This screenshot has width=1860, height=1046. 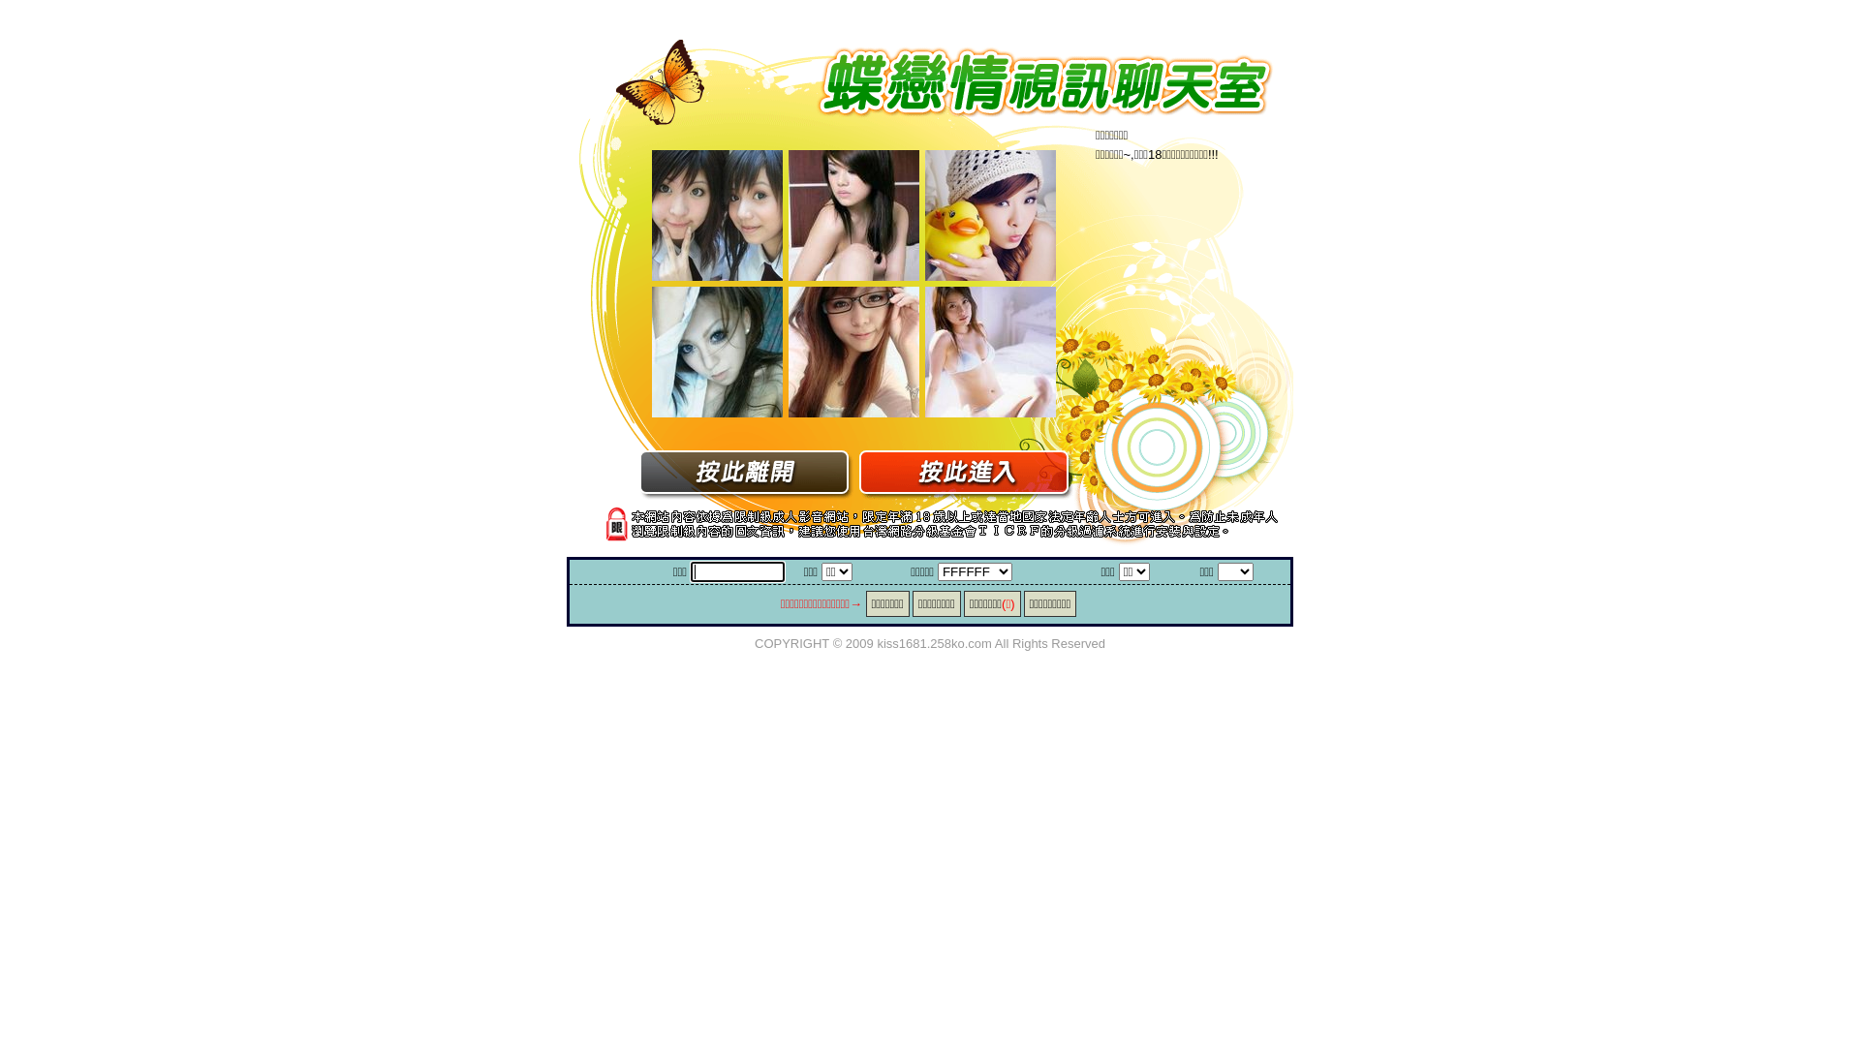 I want to click on 'kiss1681.258ko.com', so click(x=934, y=642).